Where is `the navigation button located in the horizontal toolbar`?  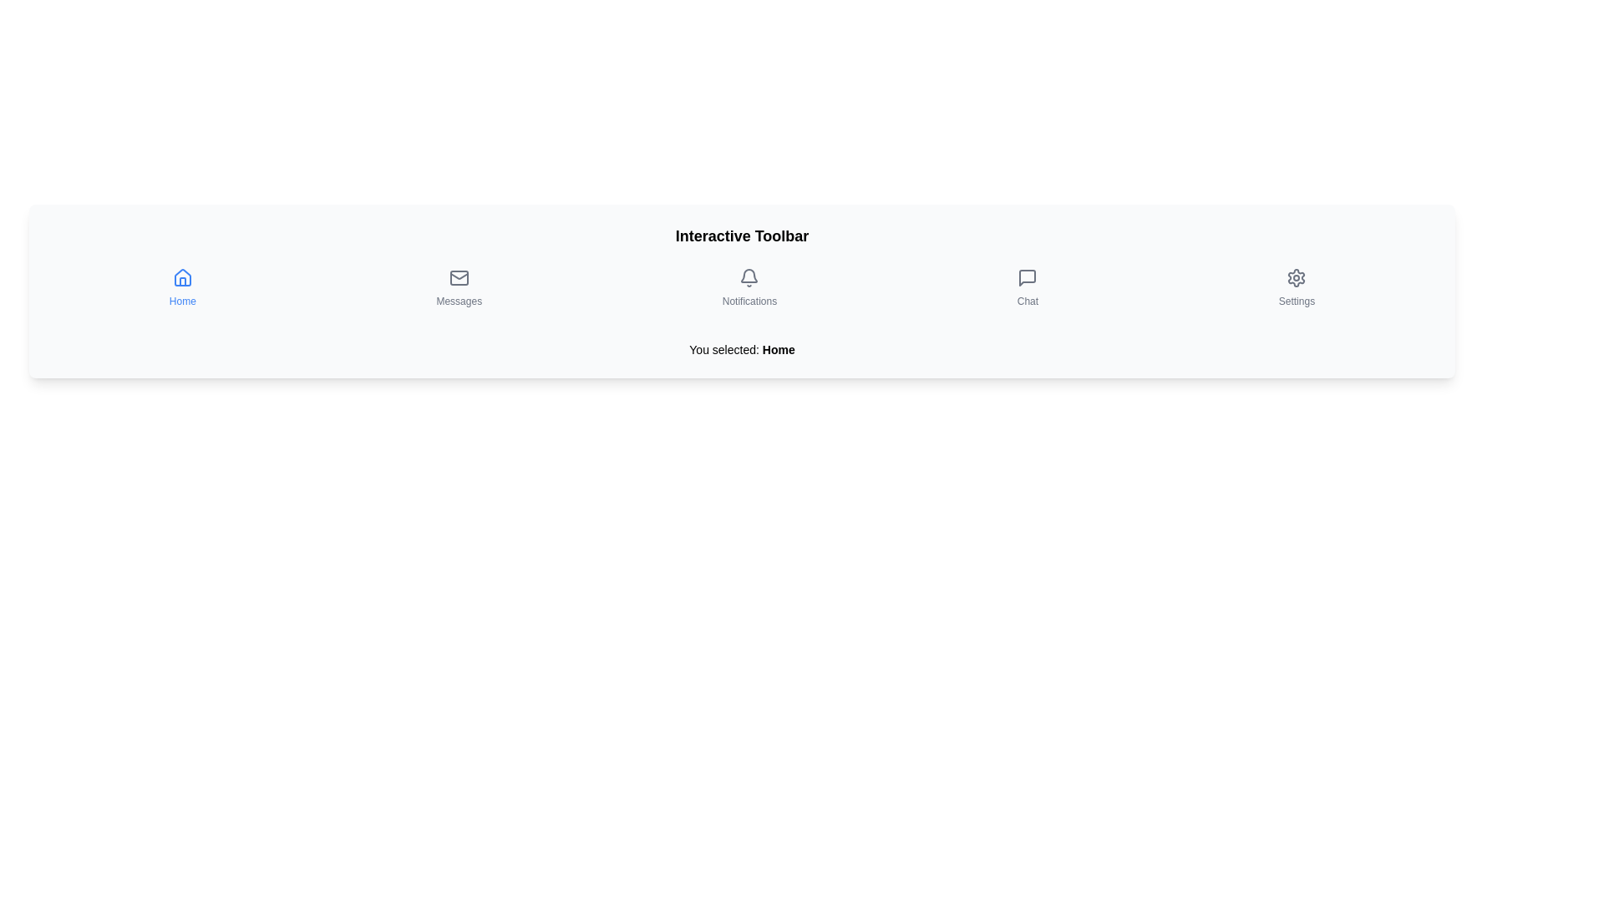
the navigation button located in the horizontal toolbar is located at coordinates (1296, 286).